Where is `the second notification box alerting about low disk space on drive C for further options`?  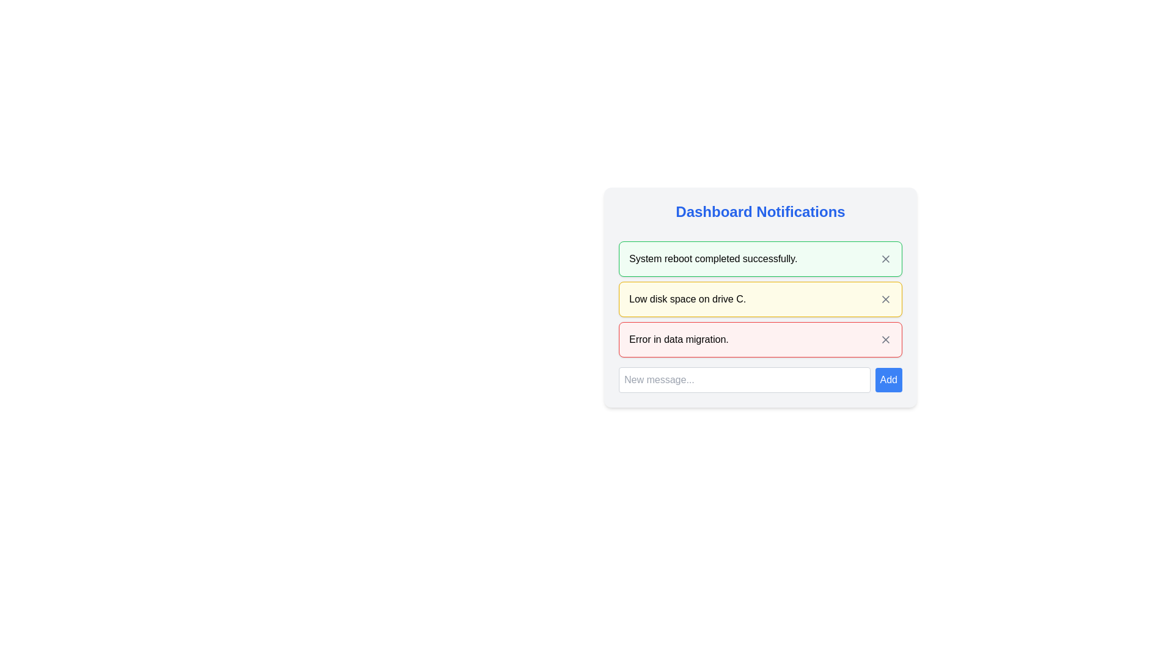
the second notification box alerting about low disk space on drive C for further options is located at coordinates (759, 297).